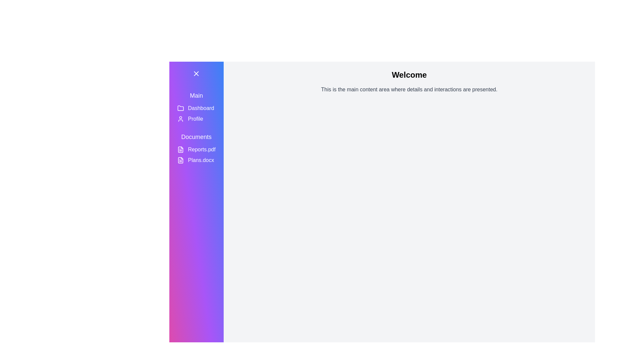 This screenshot has width=640, height=360. Describe the element at coordinates (196, 113) in the screenshot. I see `the 'Profile' entry in the Sidebar navigation menu` at that location.